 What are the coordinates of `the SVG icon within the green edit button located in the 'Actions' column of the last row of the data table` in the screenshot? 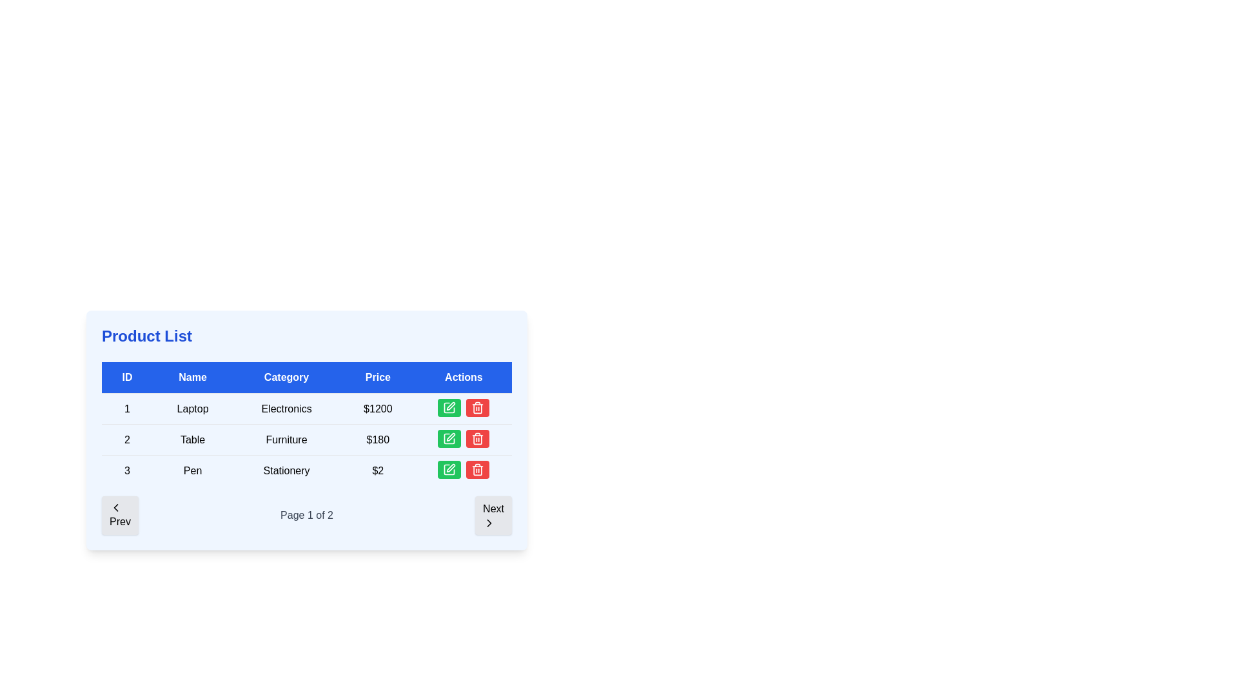 It's located at (449, 407).